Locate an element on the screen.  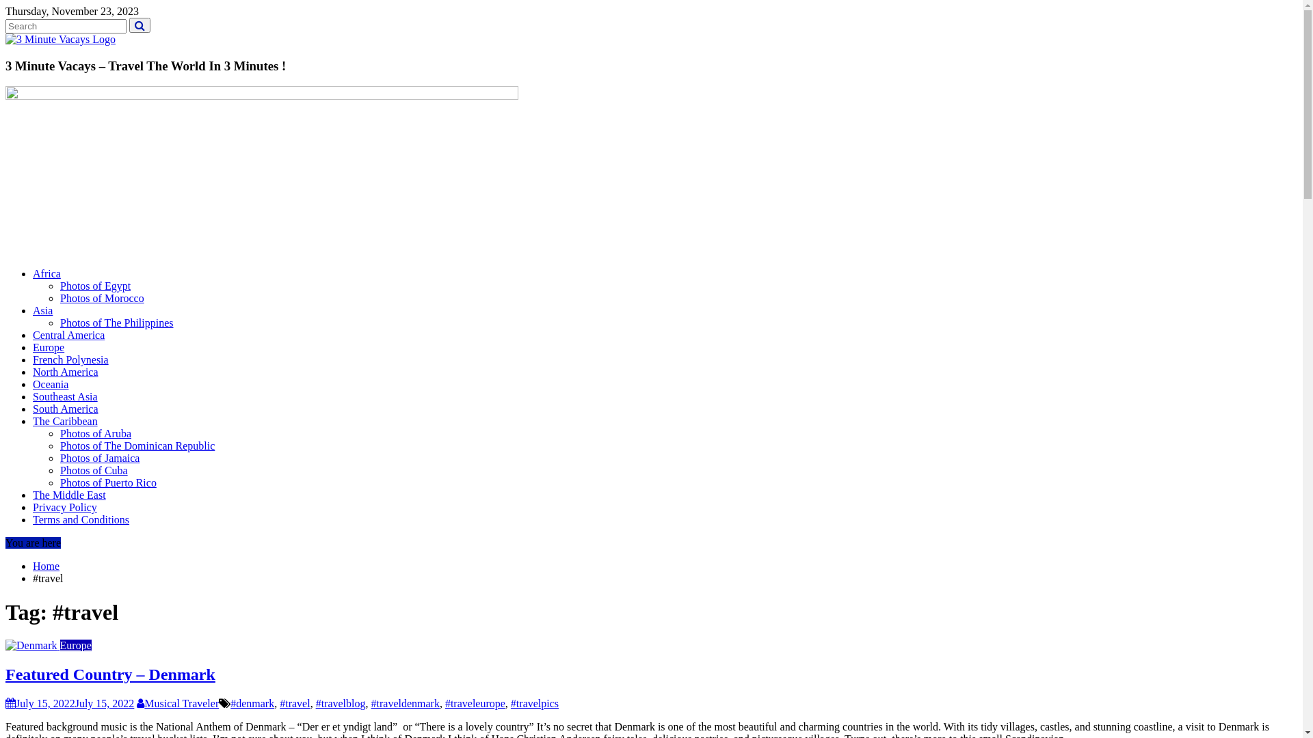
'Photos of Morocco' is located at coordinates (59, 297).